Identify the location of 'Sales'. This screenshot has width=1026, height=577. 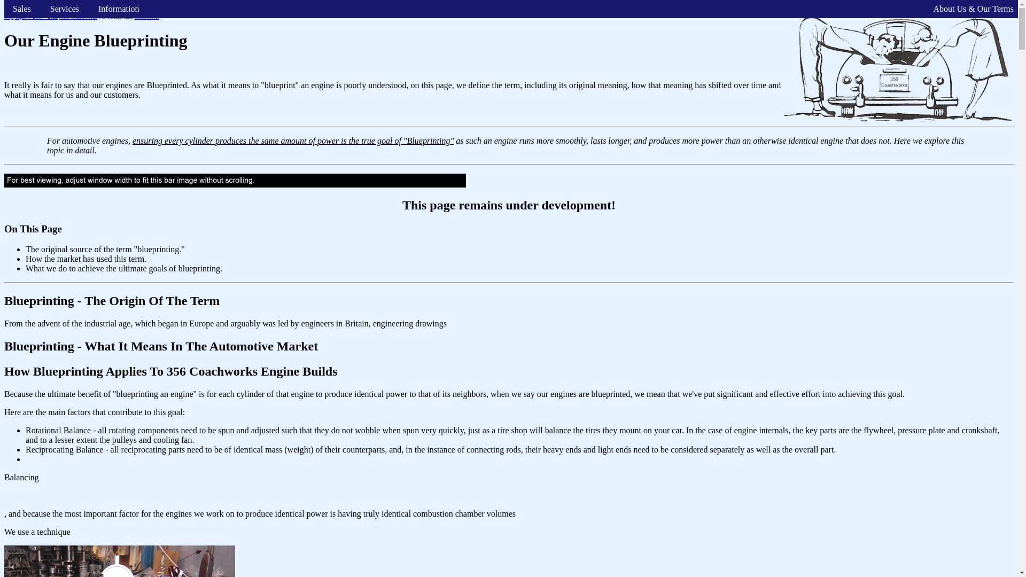
(22, 9).